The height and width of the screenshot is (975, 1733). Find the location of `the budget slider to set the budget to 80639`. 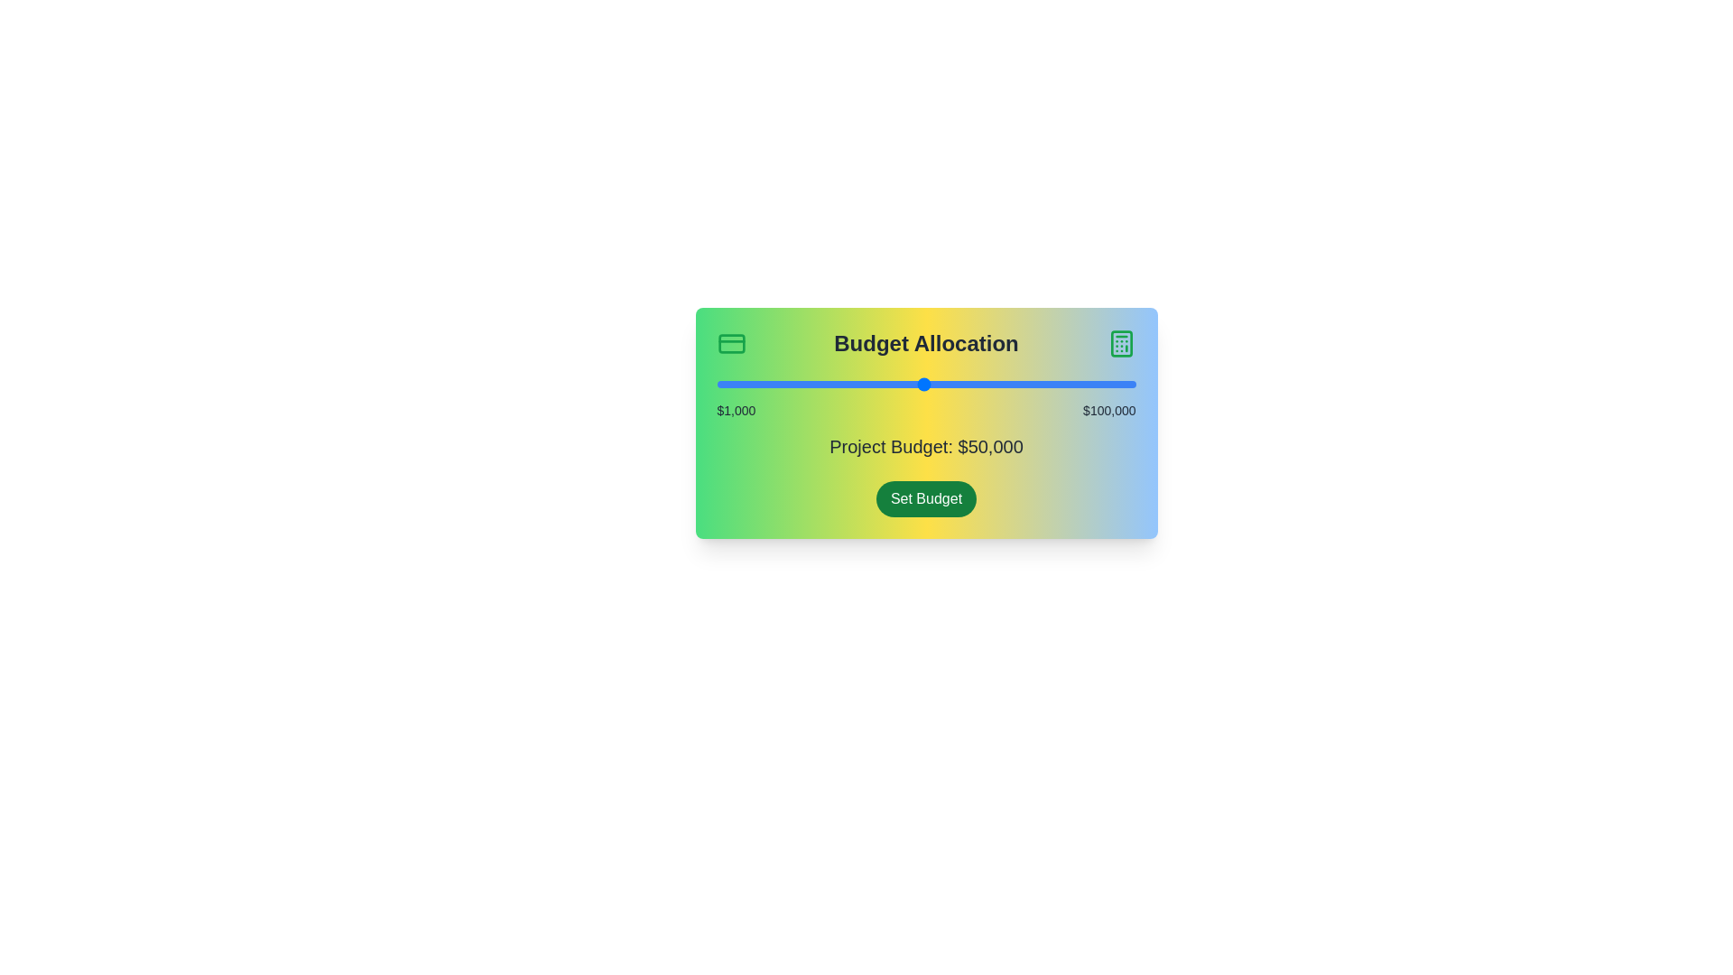

the budget slider to set the budget to 80639 is located at coordinates (1053, 383).